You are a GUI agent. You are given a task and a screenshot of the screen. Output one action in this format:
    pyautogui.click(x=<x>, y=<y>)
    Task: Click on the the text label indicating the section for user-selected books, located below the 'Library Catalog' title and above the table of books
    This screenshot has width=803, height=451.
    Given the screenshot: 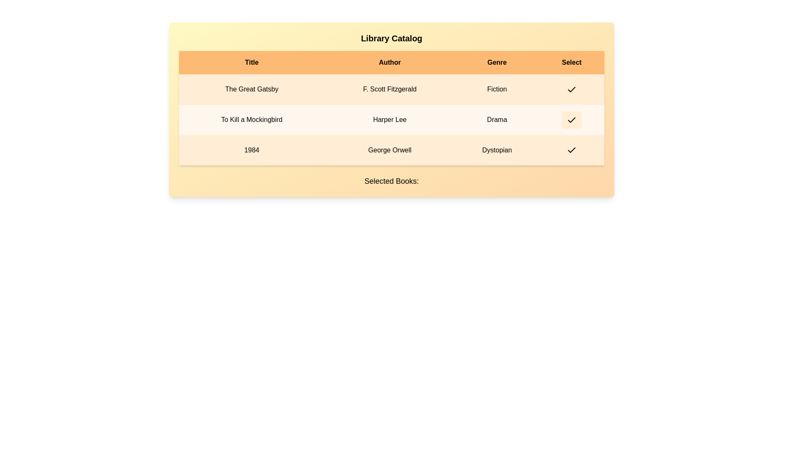 What is the action you would take?
    pyautogui.click(x=391, y=181)
    